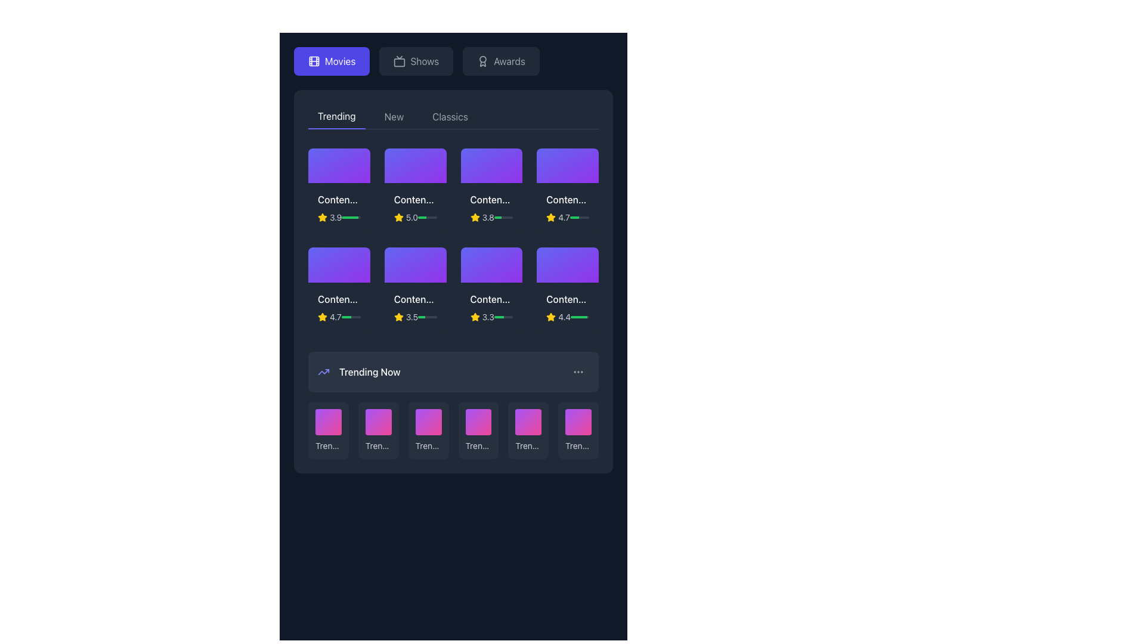 The width and height of the screenshot is (1145, 644). What do you see at coordinates (478, 445) in the screenshot?
I see `the text label displaying 'Trending #4' located in the bottom half of the card under the 'Trending Now' section` at bounding box center [478, 445].